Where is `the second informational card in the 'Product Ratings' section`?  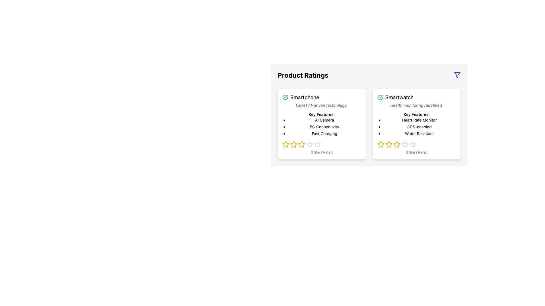
the second informational card in the 'Product Ratings' section is located at coordinates (416, 124).